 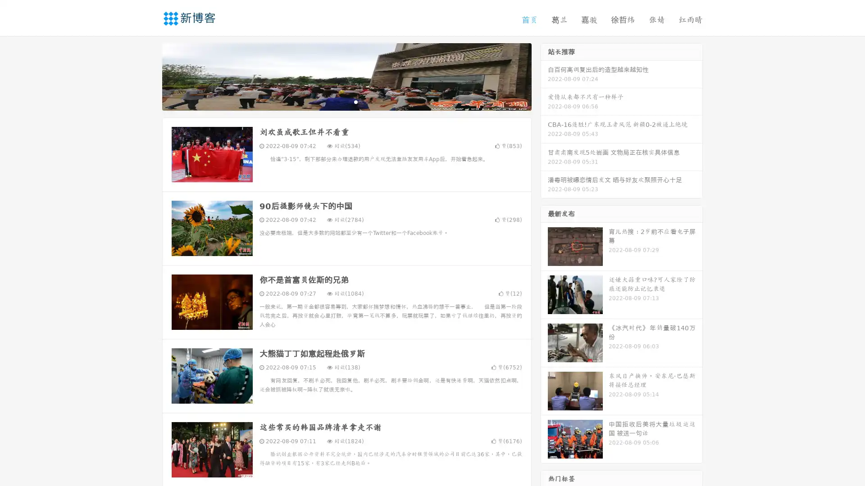 What do you see at coordinates (346, 101) in the screenshot?
I see `Go to slide 2` at bounding box center [346, 101].